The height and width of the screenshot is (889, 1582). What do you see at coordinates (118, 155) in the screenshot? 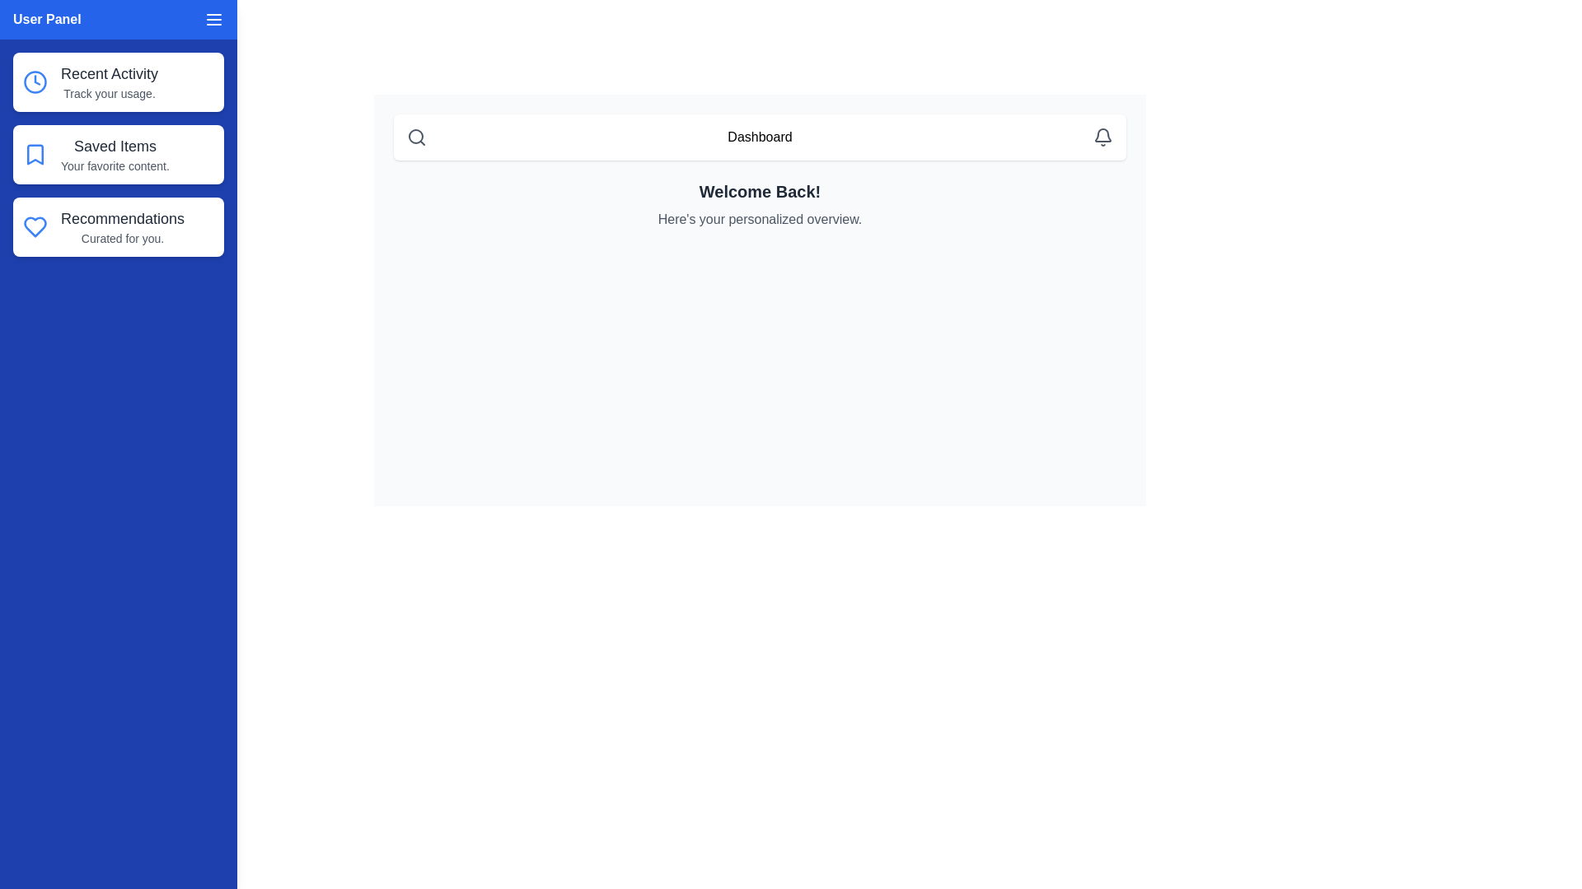
I see `the menu item Saved Items from the InteractiveUserDrawer` at bounding box center [118, 155].